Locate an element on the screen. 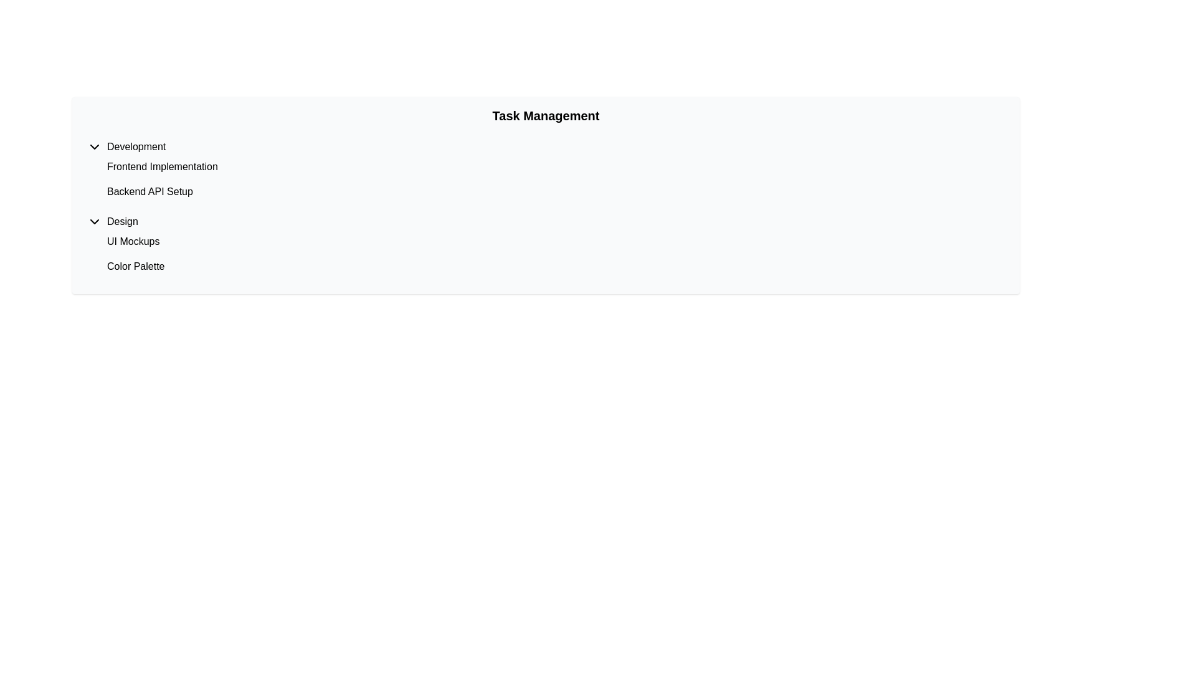  the 'Development' section header text label is located at coordinates (136, 146).